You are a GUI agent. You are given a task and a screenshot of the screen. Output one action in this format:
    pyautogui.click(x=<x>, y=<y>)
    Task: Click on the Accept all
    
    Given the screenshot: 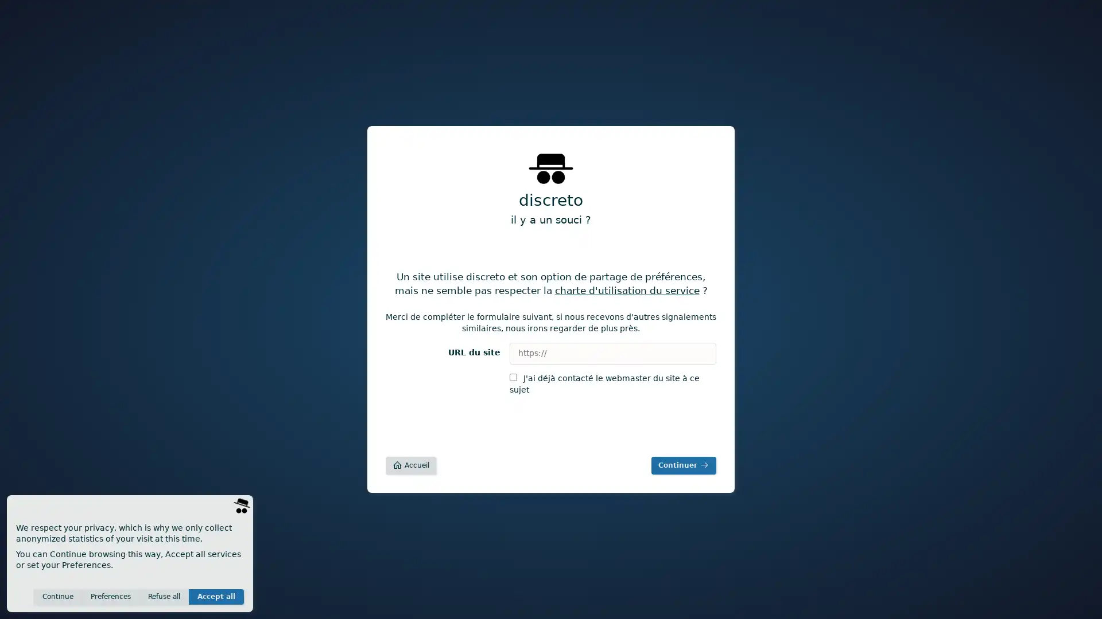 What is the action you would take?
    pyautogui.click(x=216, y=596)
    